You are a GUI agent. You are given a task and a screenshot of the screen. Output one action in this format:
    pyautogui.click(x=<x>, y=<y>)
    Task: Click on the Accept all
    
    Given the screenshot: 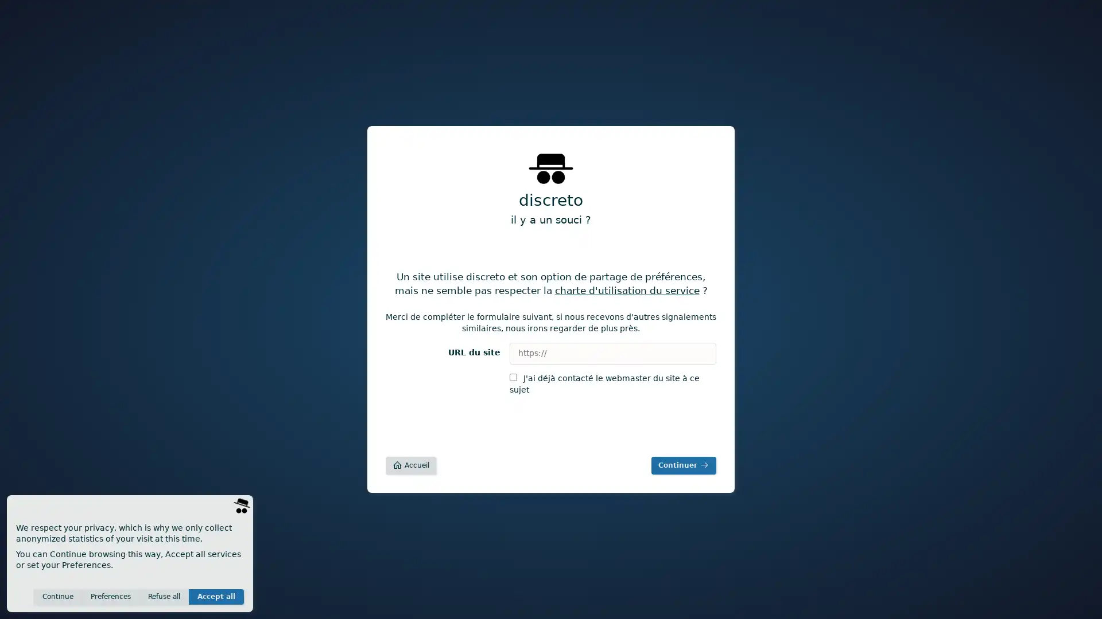 What is the action you would take?
    pyautogui.click(x=216, y=596)
    